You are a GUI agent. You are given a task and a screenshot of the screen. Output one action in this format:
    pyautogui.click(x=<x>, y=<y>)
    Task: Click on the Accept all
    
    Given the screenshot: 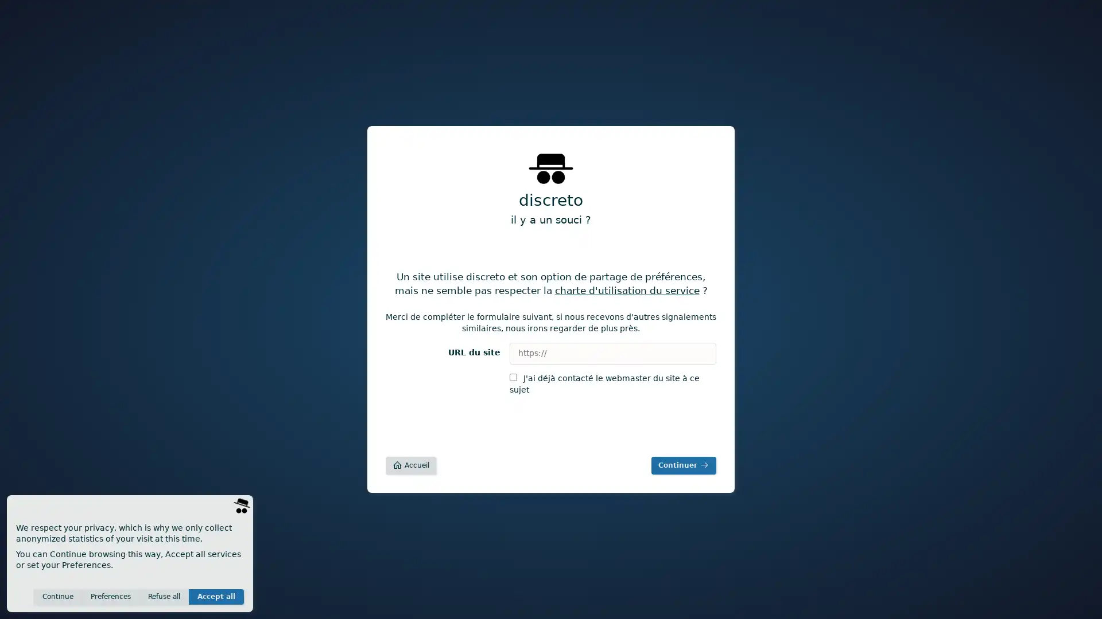 What is the action you would take?
    pyautogui.click(x=216, y=596)
    